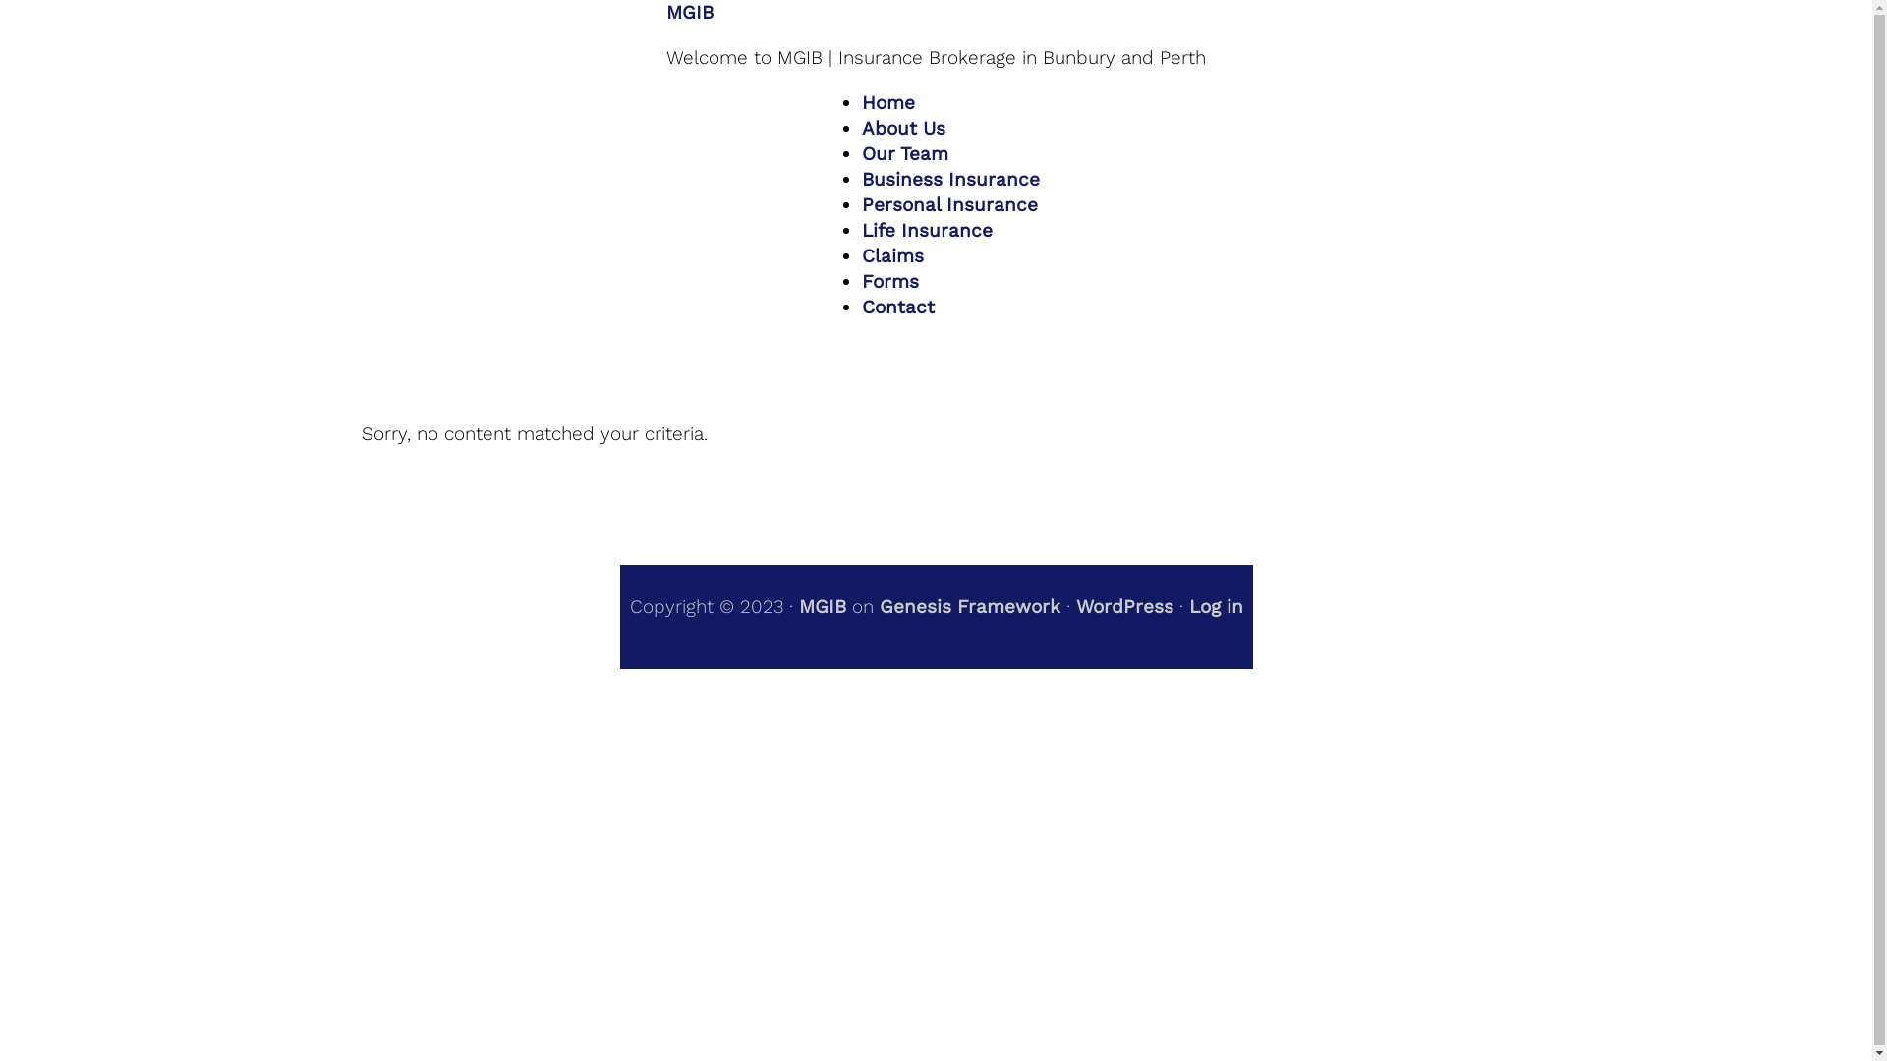  I want to click on 'Genesis Framework', so click(968, 605).